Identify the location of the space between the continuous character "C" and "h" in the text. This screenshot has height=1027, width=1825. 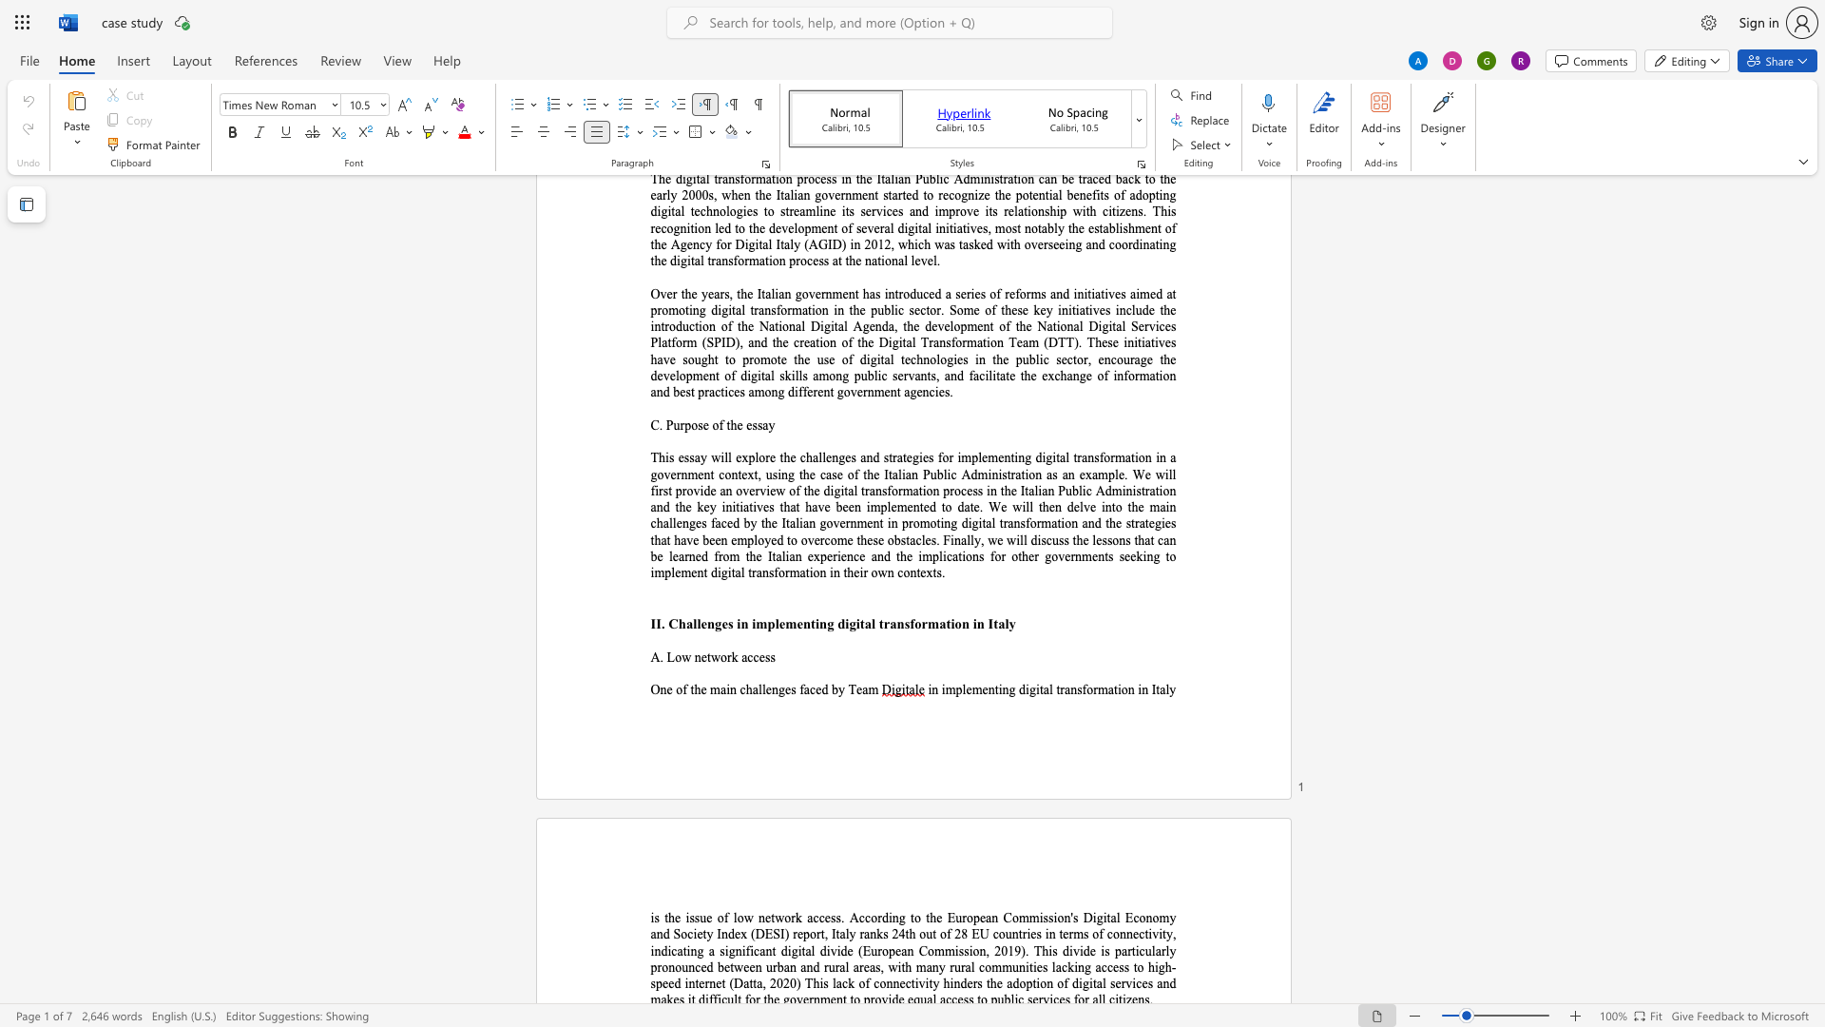
(678, 624).